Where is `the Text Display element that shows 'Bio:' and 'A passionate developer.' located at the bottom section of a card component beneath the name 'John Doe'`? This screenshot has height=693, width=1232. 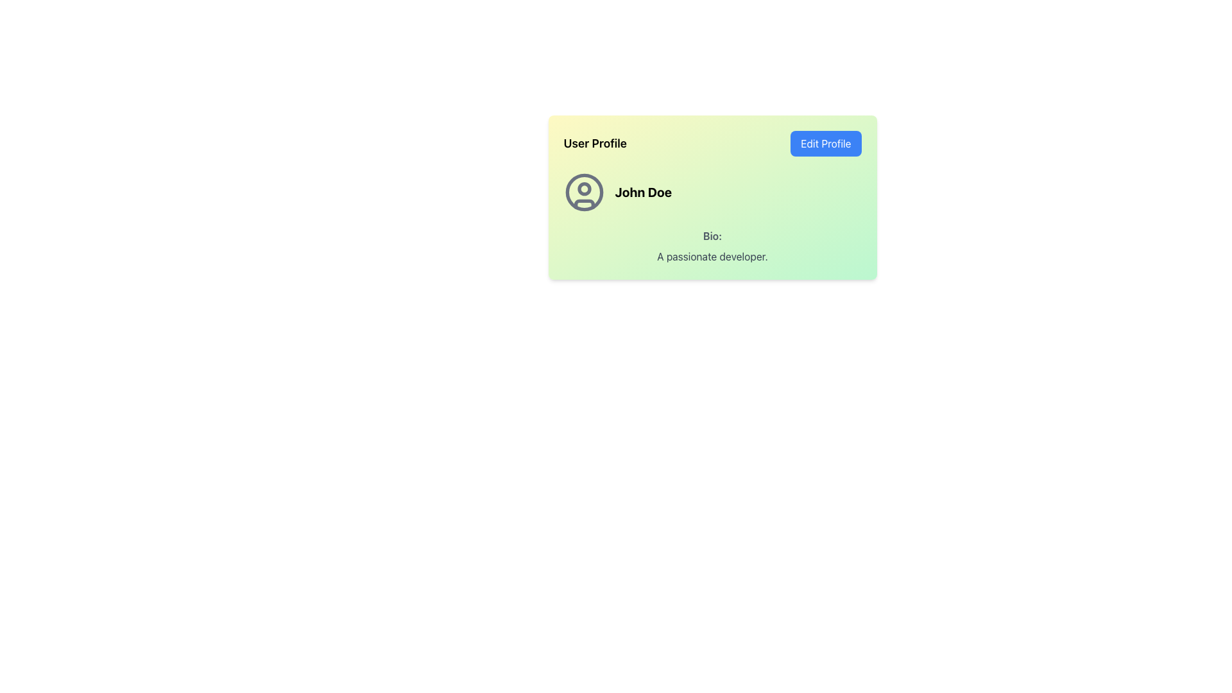 the Text Display element that shows 'Bio:' and 'A passionate developer.' located at the bottom section of a card component beneath the name 'John Doe' is located at coordinates (712, 246).